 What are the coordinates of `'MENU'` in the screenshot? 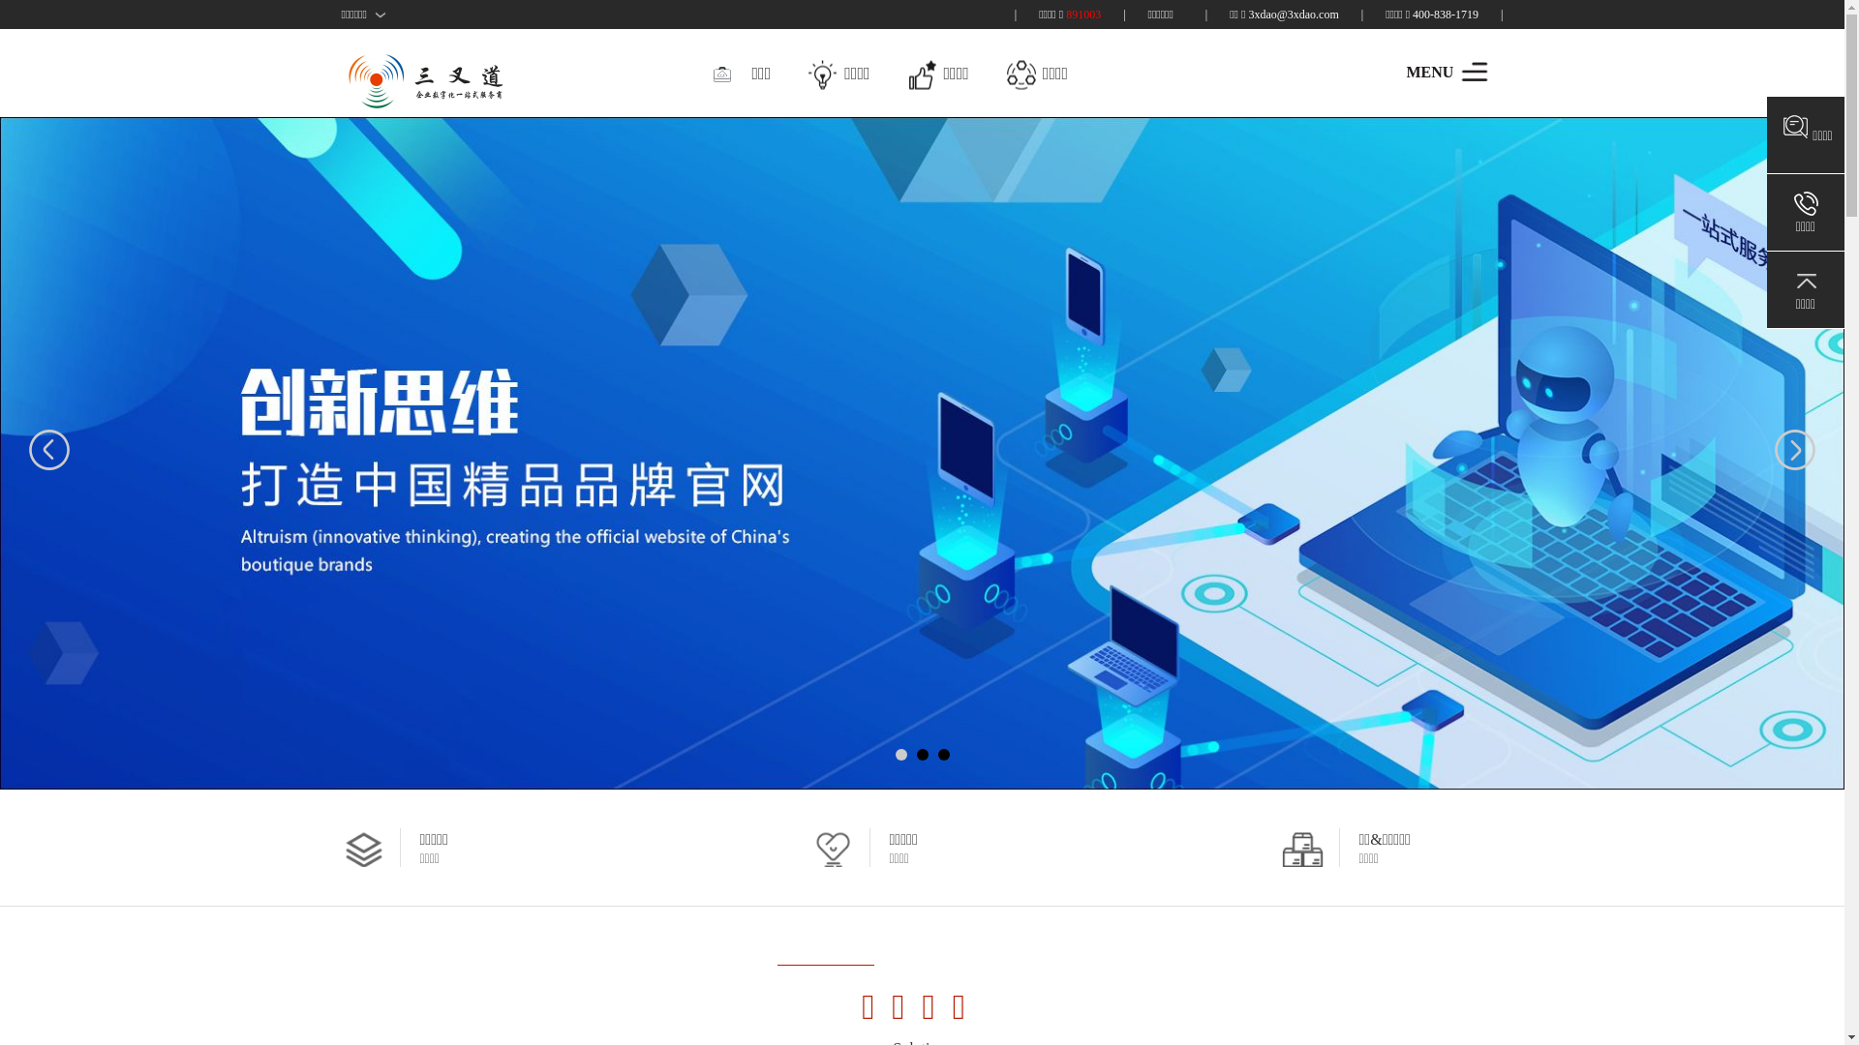 It's located at (1445, 70).